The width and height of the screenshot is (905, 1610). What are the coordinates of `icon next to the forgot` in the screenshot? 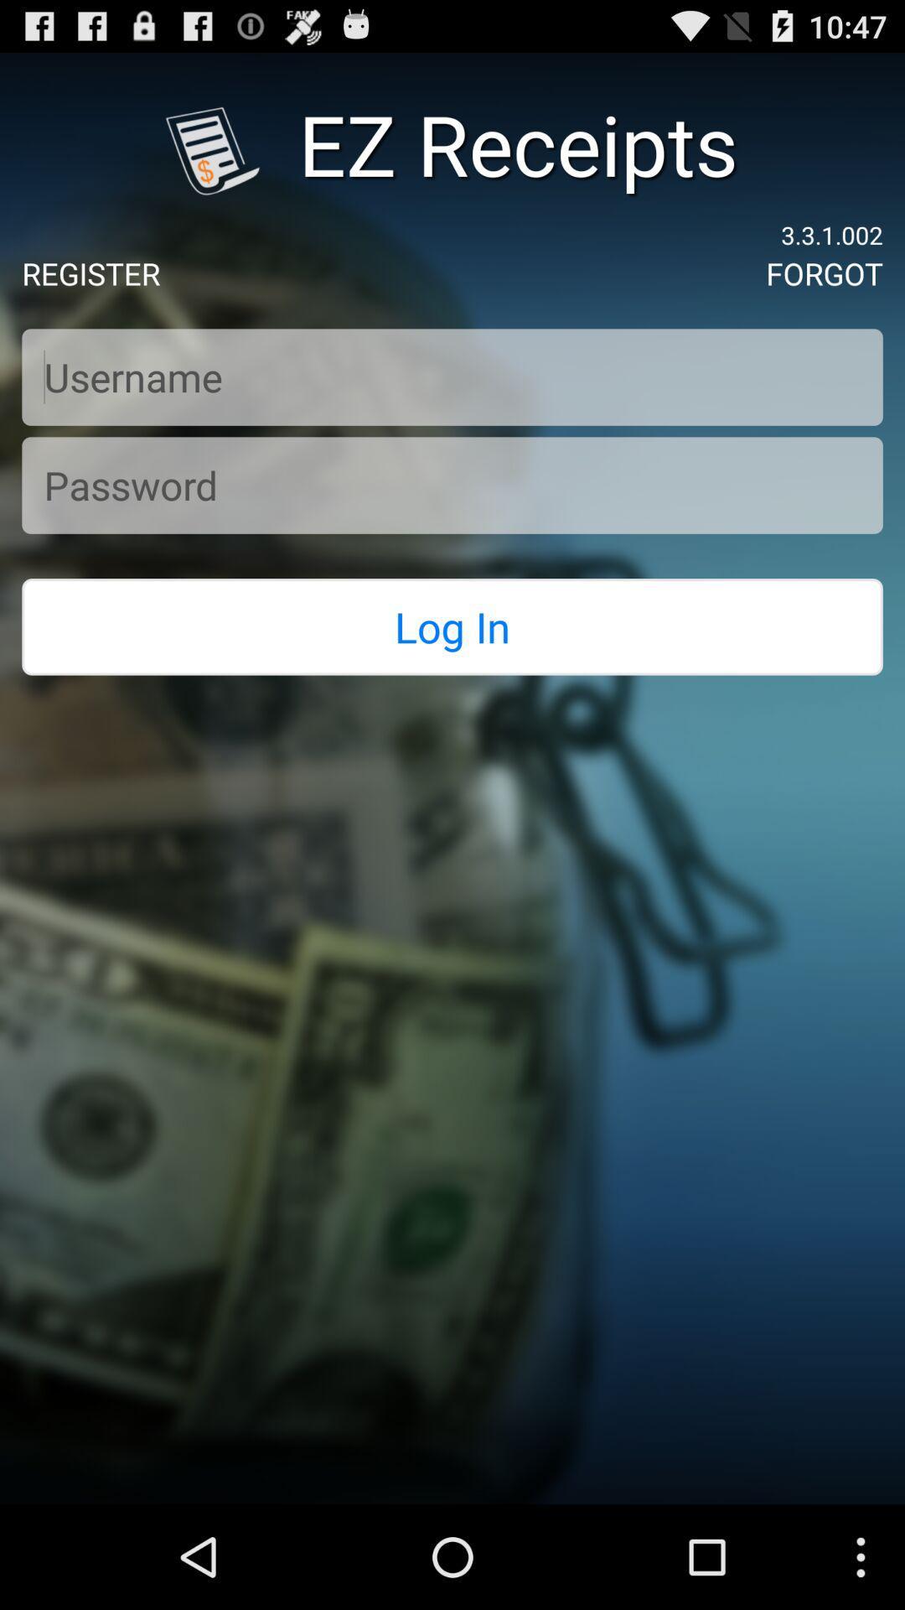 It's located at (90, 273).